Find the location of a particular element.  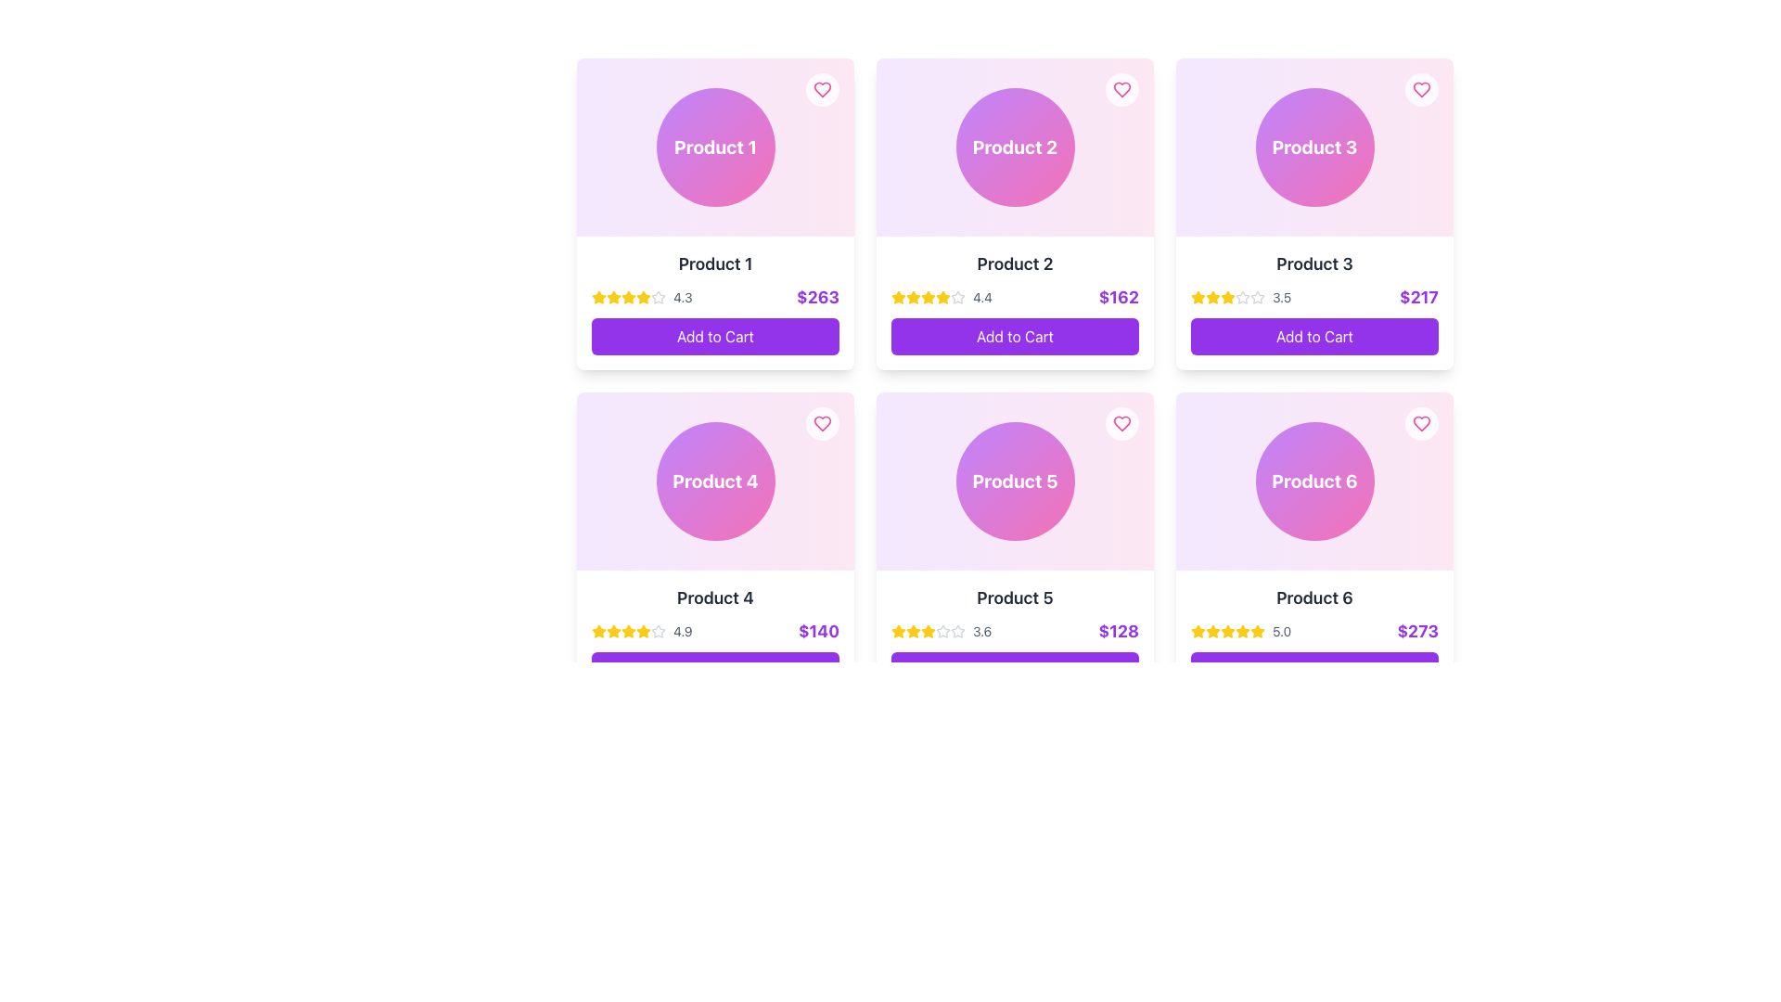

the text label displaying 'Product 5', which is prominently styled in bold dark gray font, located in the middle column of the second row in a card layout is located at coordinates (1014, 597).